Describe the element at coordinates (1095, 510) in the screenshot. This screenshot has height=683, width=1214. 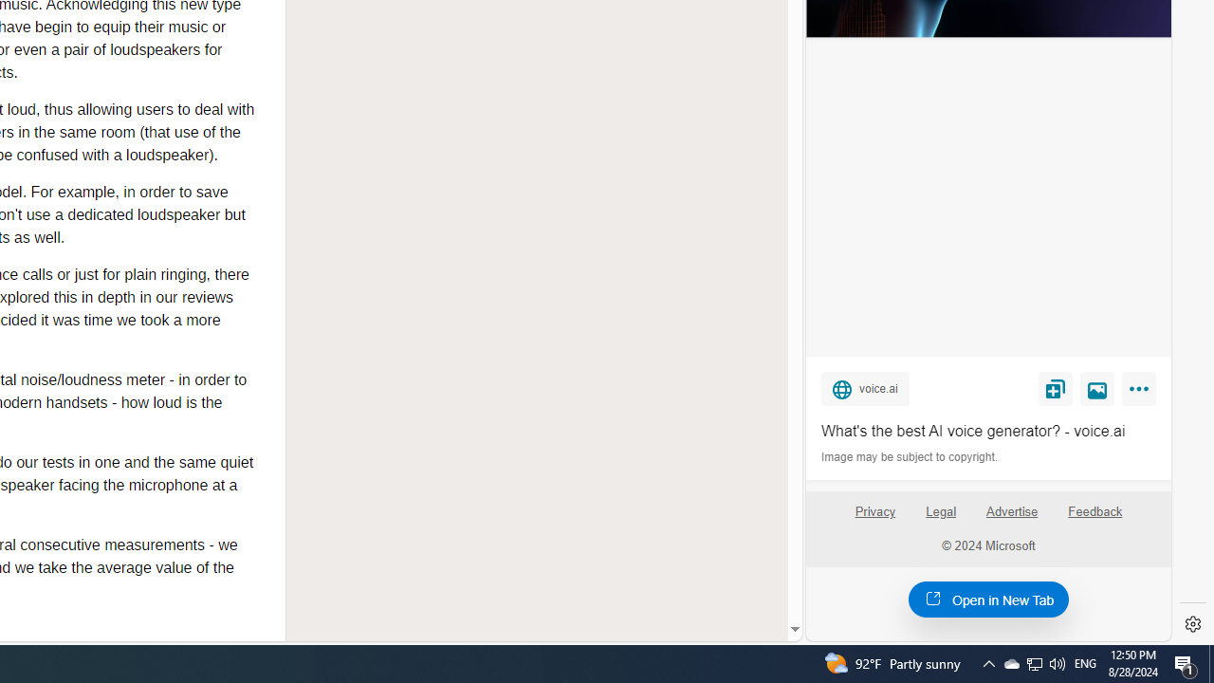
I see `'Feedback'` at that location.